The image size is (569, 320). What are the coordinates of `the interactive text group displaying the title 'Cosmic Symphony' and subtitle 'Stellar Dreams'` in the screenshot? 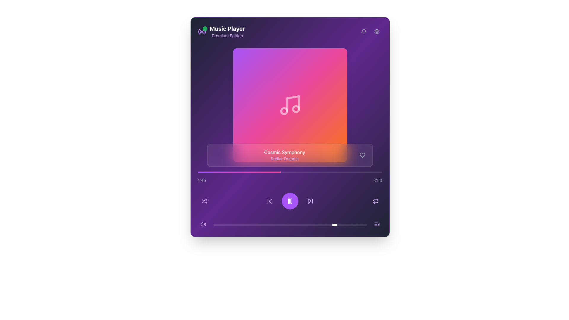 It's located at (290, 155).